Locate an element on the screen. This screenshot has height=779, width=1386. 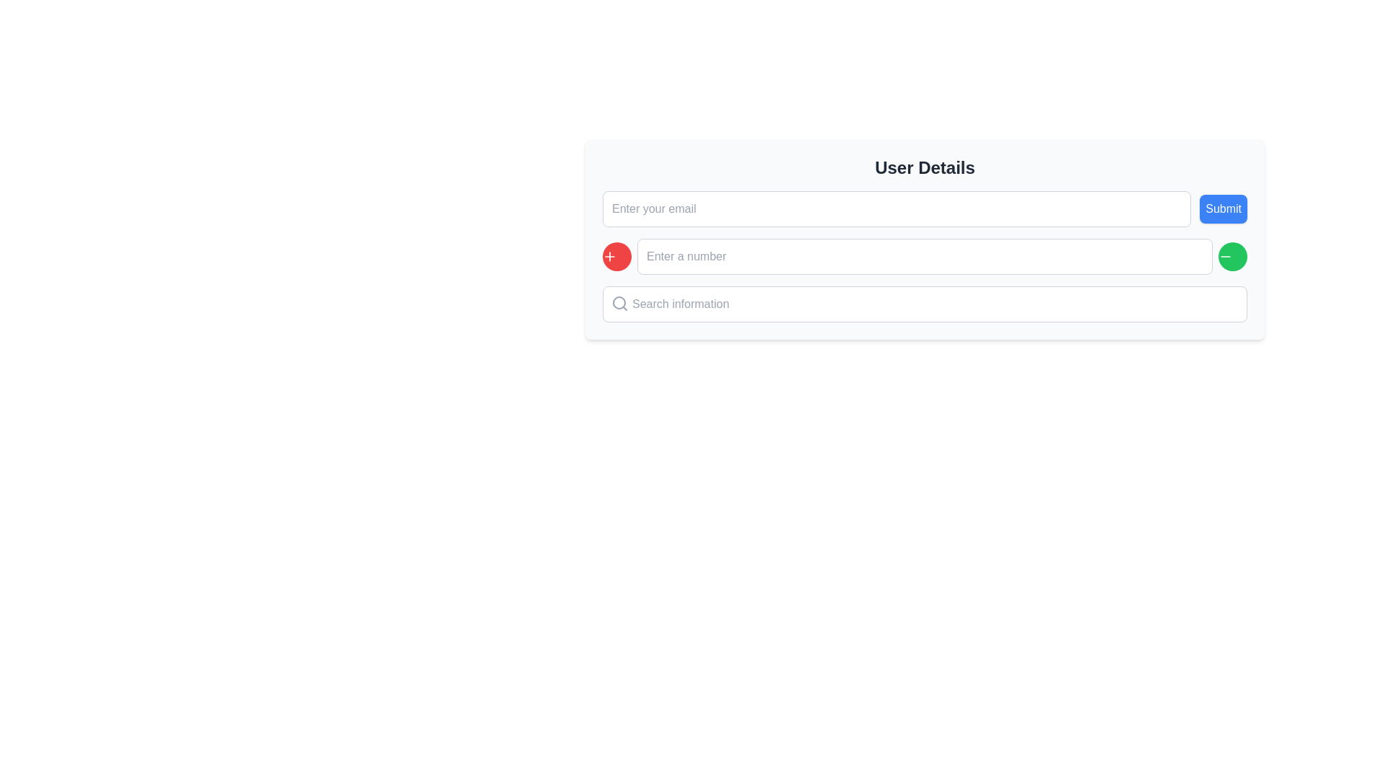
the green circular button icon located to the right of the 'Enter a number' text input field is located at coordinates (1225, 255).